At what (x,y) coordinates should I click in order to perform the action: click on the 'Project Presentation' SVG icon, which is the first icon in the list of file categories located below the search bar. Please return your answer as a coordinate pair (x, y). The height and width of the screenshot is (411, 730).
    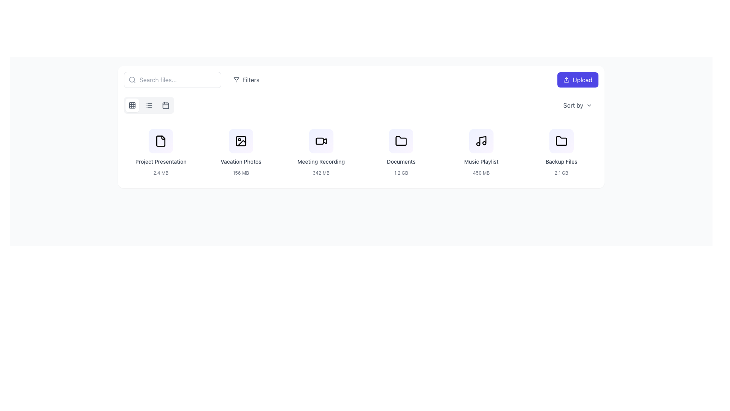
    Looking at the image, I should click on (160, 141).